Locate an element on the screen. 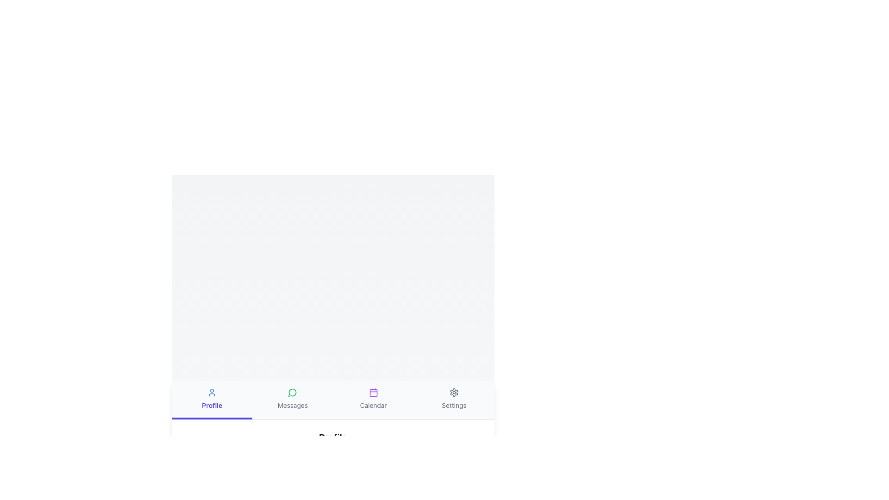  the gear-like icon in the bottom navigation bar is located at coordinates (454, 392).